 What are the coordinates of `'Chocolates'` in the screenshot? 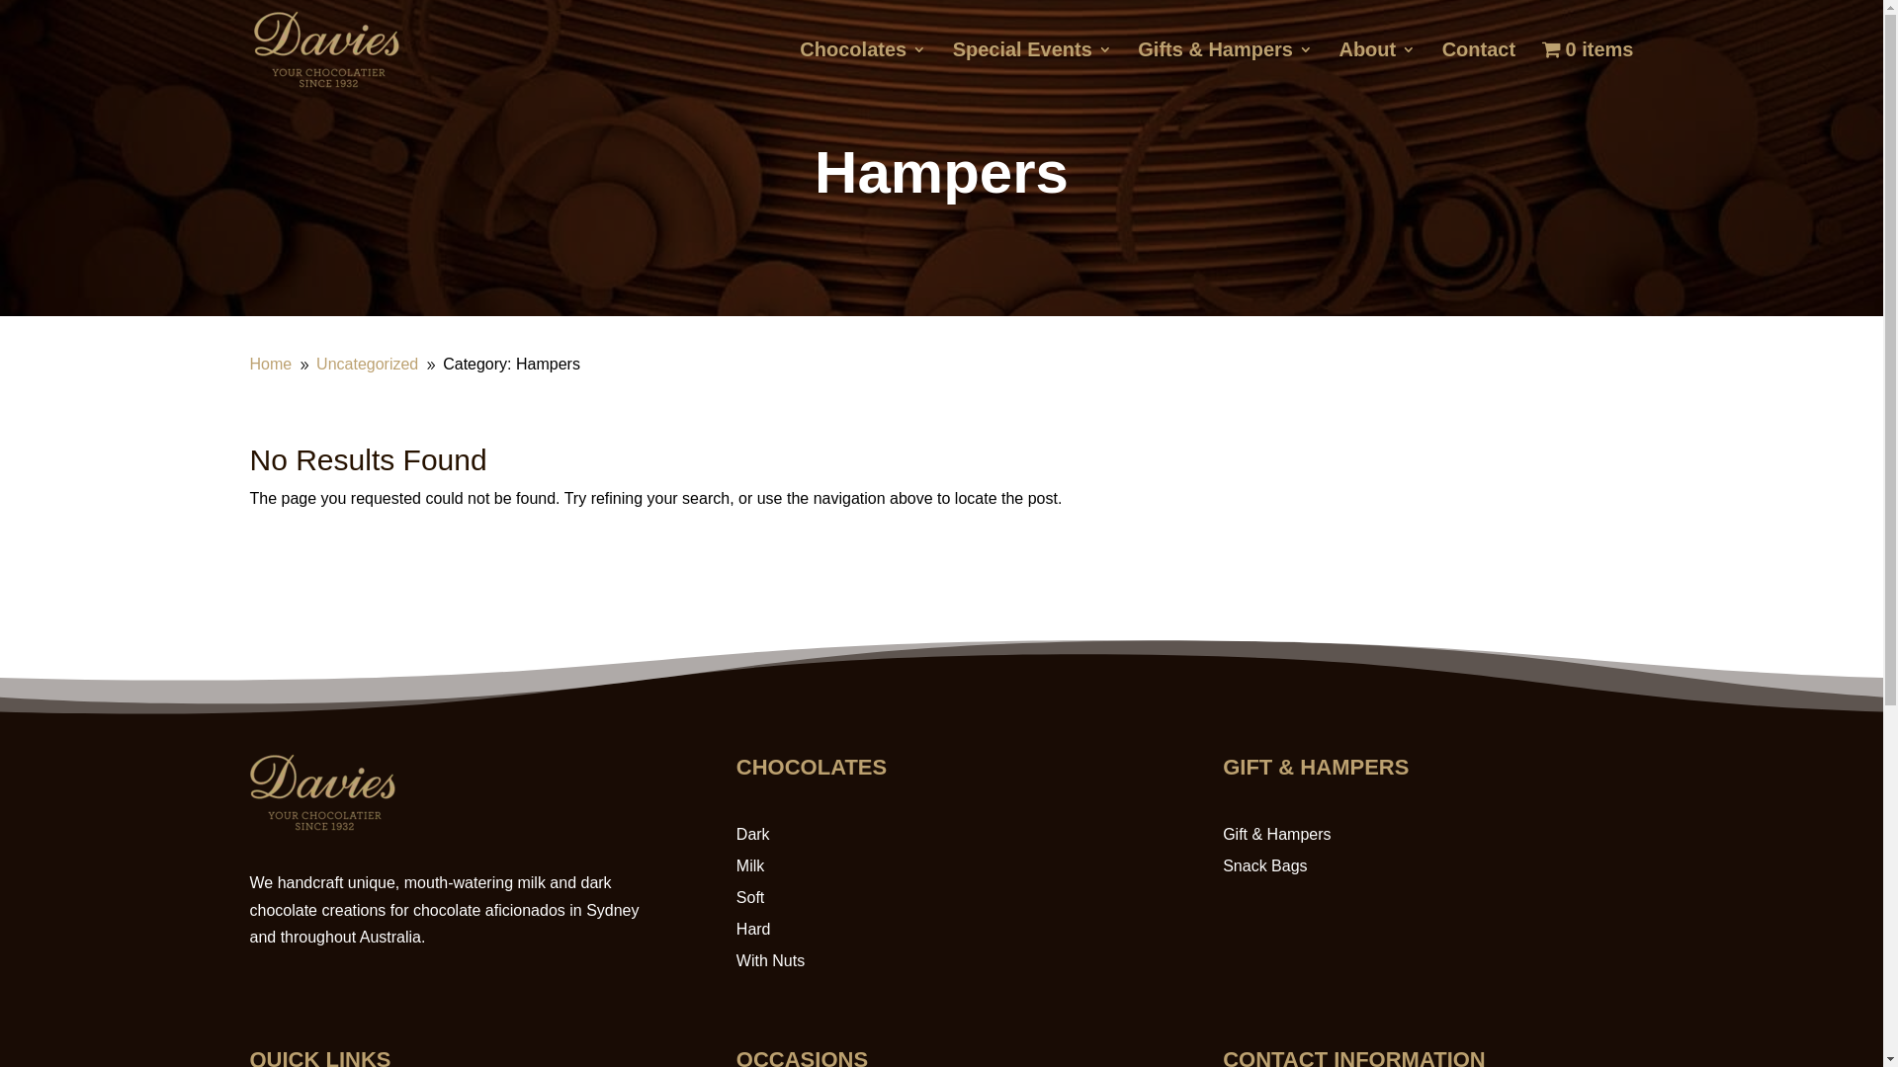 It's located at (863, 67).